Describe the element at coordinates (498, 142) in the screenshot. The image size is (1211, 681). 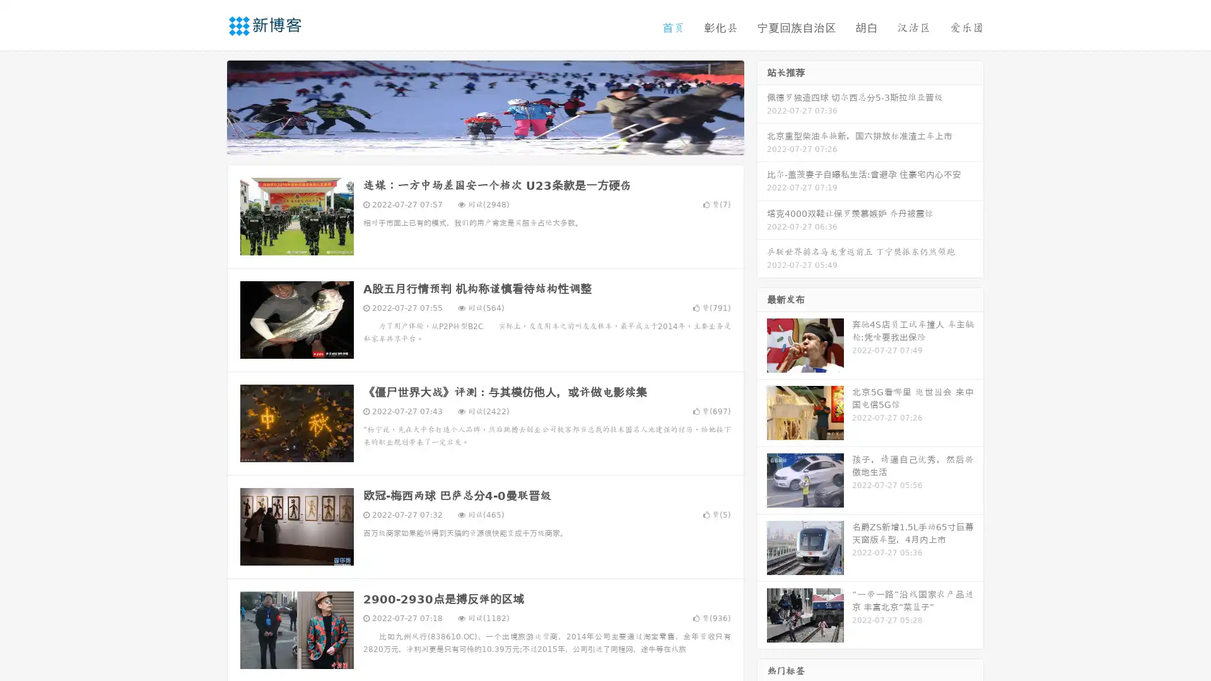
I see `Go to slide 3` at that location.